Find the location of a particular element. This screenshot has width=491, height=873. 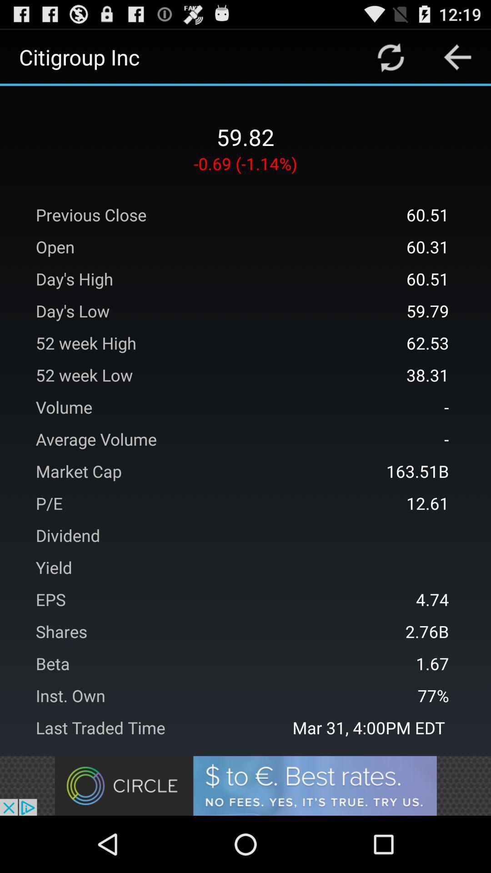

refresh page is located at coordinates (390, 56).